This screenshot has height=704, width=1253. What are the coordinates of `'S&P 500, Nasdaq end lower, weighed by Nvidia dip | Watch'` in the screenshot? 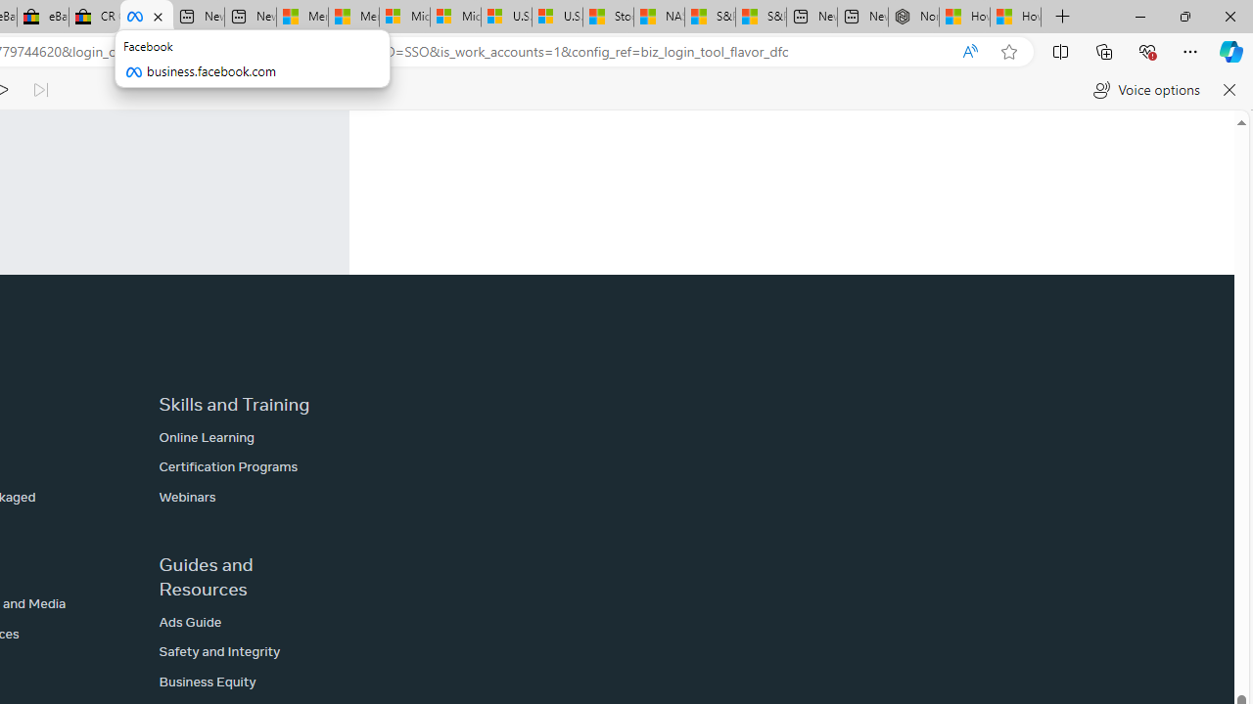 It's located at (759, 17).